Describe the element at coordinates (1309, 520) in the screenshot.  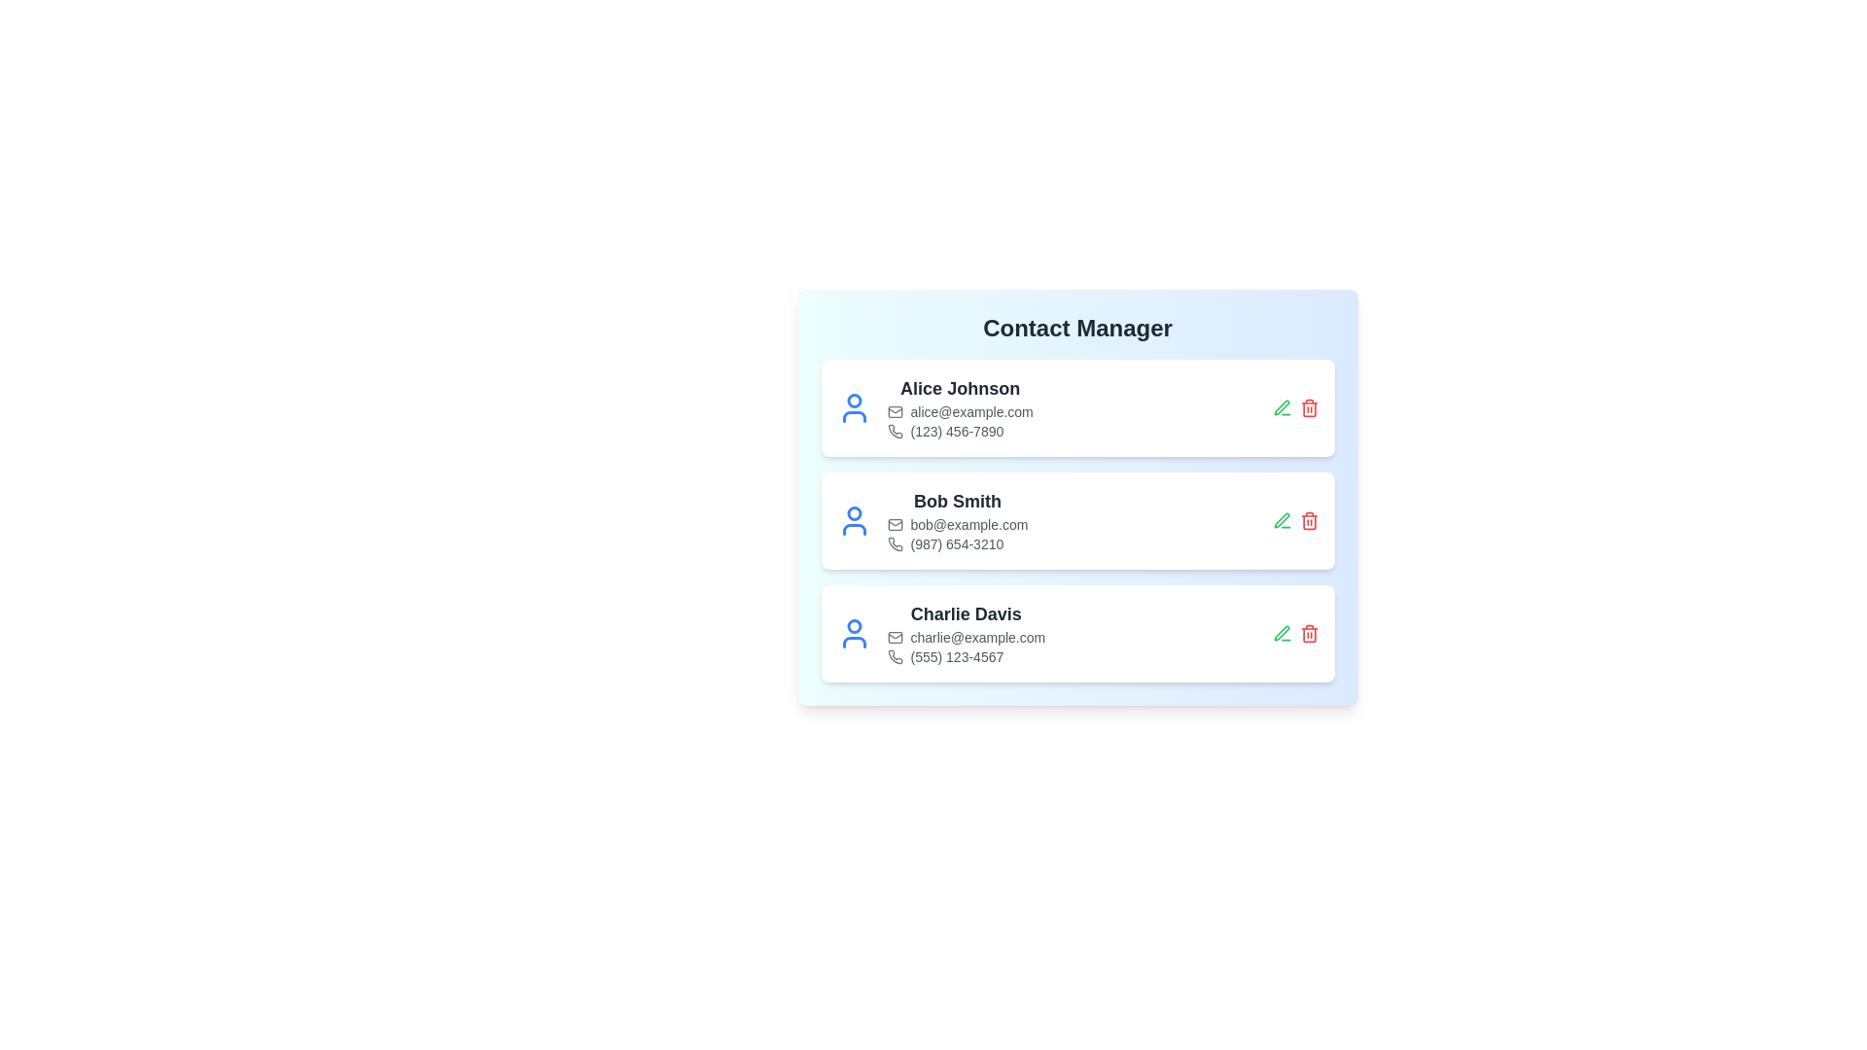
I see `the delete button for the contact identified by Bob Smith` at that location.